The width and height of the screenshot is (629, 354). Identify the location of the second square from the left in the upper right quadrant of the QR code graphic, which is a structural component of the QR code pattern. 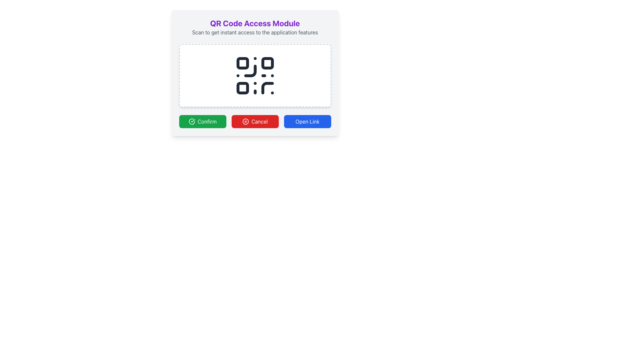
(267, 63).